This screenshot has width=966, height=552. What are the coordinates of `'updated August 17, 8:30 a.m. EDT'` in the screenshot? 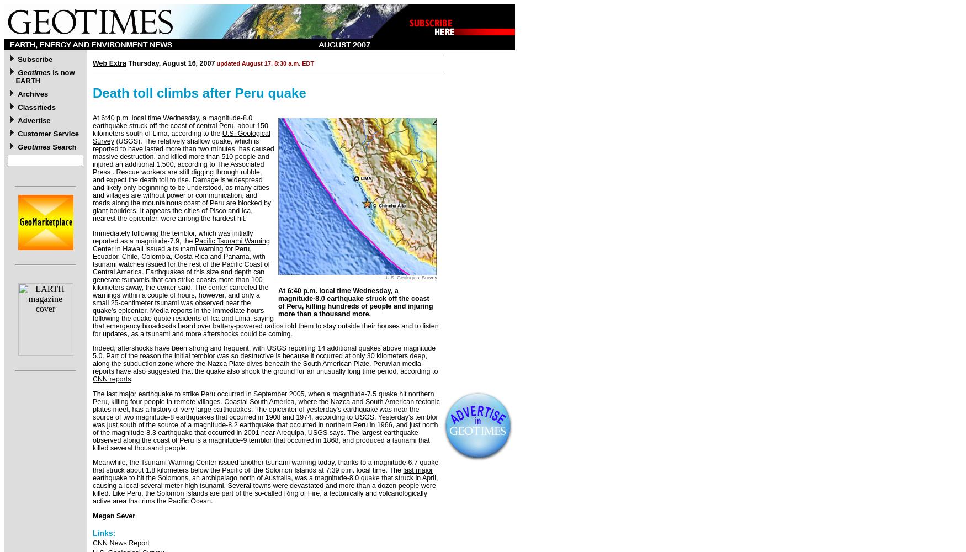 It's located at (214, 63).